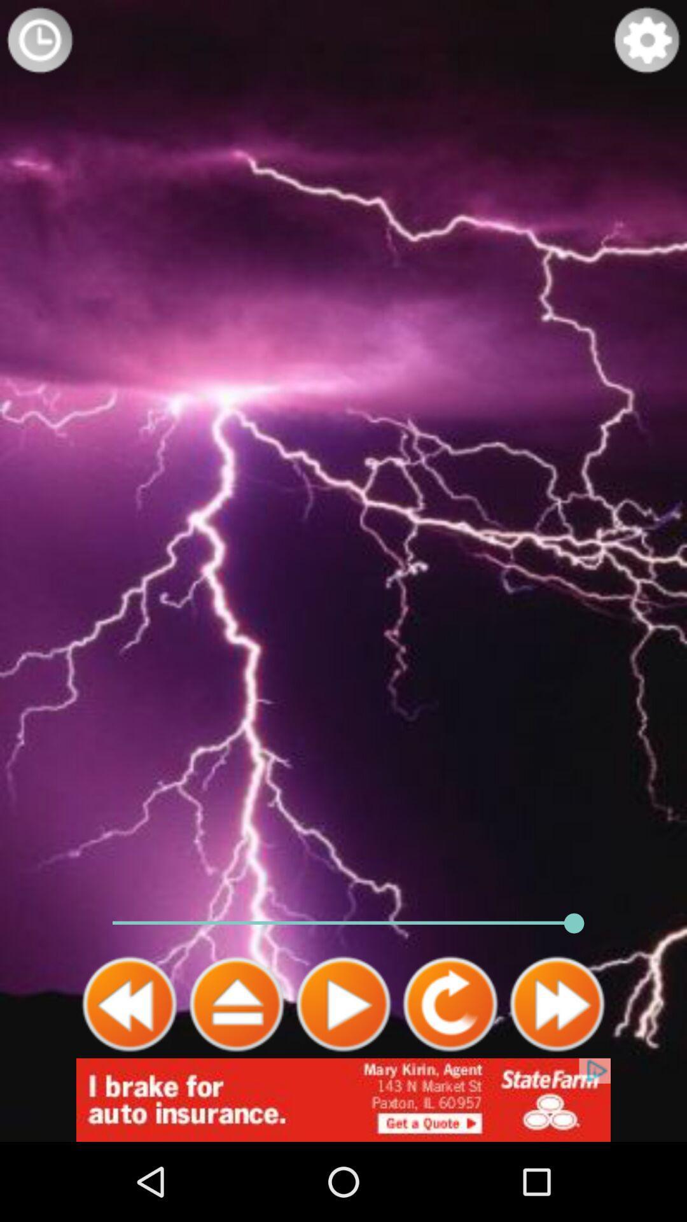  Describe the element at coordinates (556, 1004) in the screenshot. I see `fast forward` at that location.